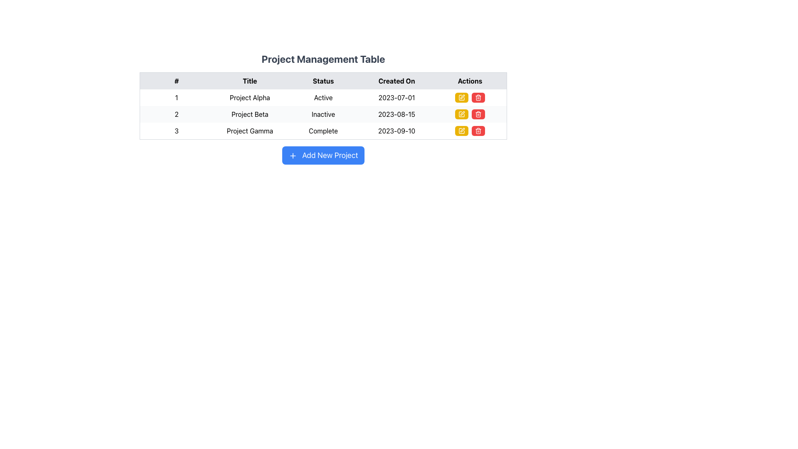 The width and height of the screenshot is (798, 449). Describe the element at coordinates (396, 81) in the screenshot. I see `the 'Created On' text label, which is styled in bold black font on a light gray background and serves as a header in the Project Management Table` at that location.